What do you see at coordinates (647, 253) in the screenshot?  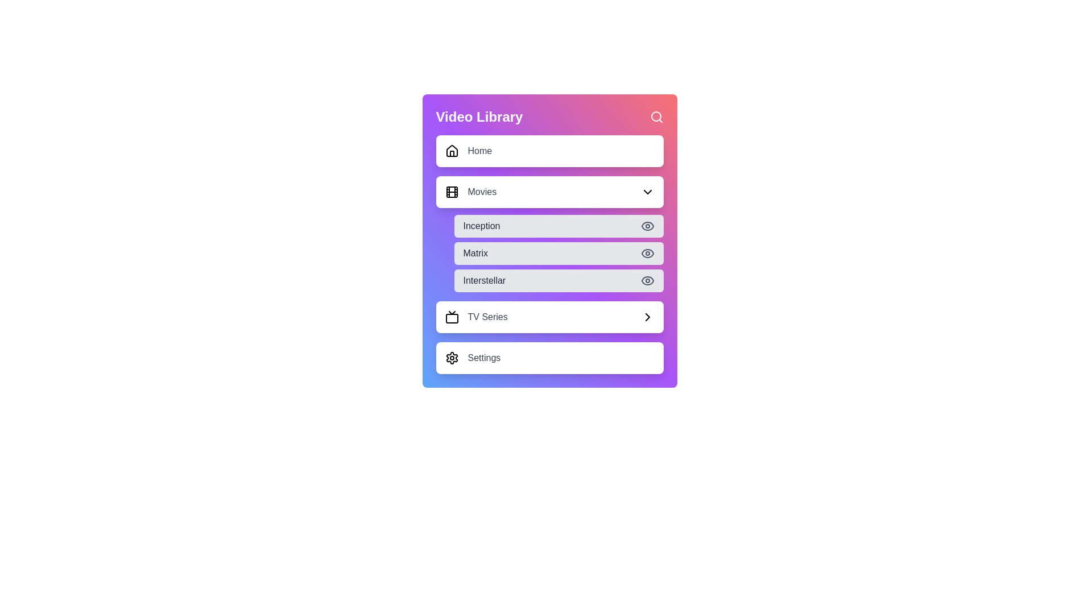 I see `the eye icon located to the far right of the 'Matrix' button in the 'Movies' dropdown within the 'Video Library' menu section` at bounding box center [647, 253].